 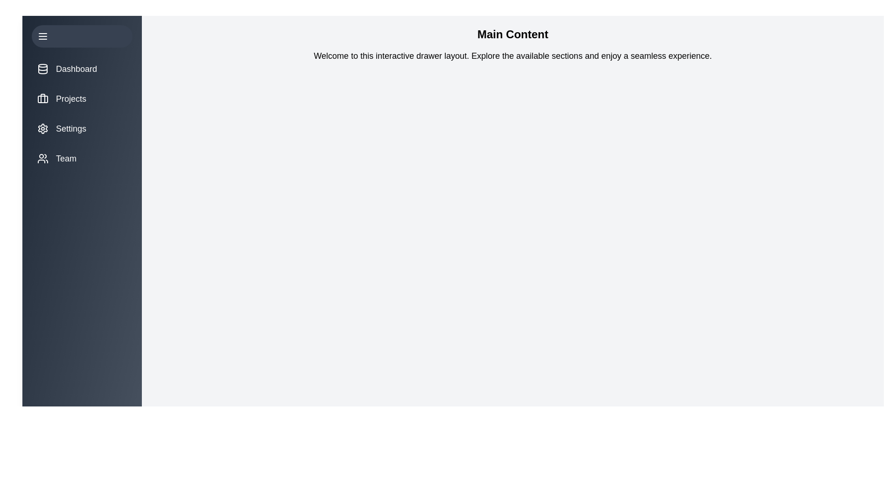 What do you see at coordinates (82, 99) in the screenshot?
I see `the menu item Projects from the drawer` at bounding box center [82, 99].